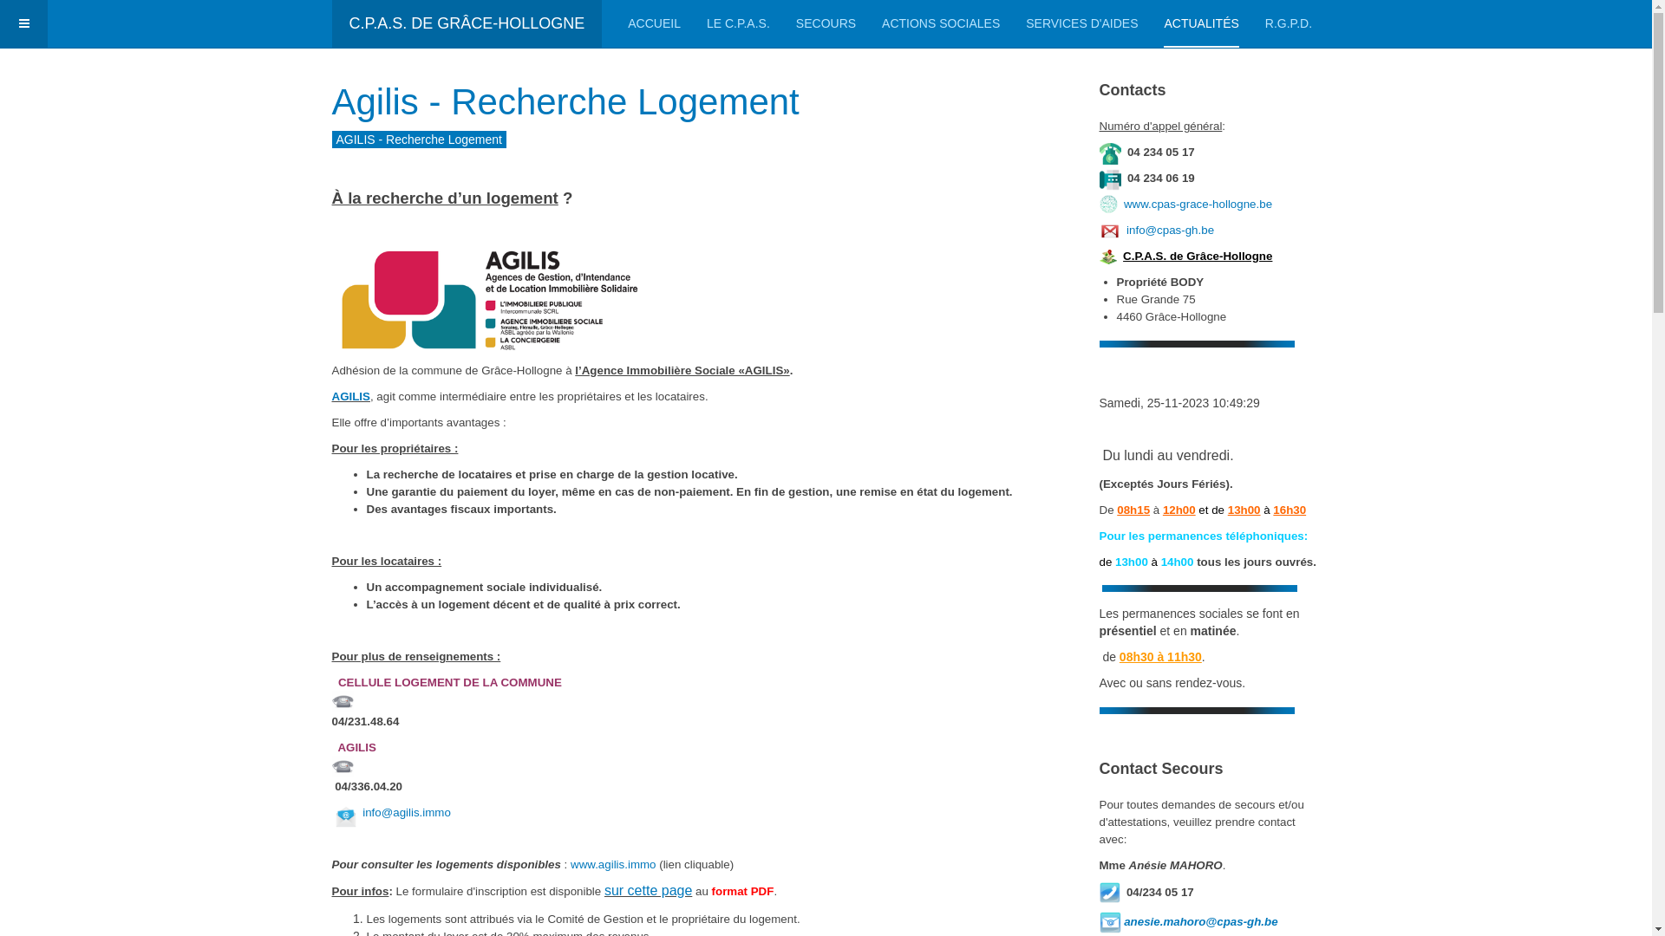 The image size is (1665, 936). Describe the element at coordinates (939, 23) in the screenshot. I see `'ACTIONS SOCIALES'` at that location.